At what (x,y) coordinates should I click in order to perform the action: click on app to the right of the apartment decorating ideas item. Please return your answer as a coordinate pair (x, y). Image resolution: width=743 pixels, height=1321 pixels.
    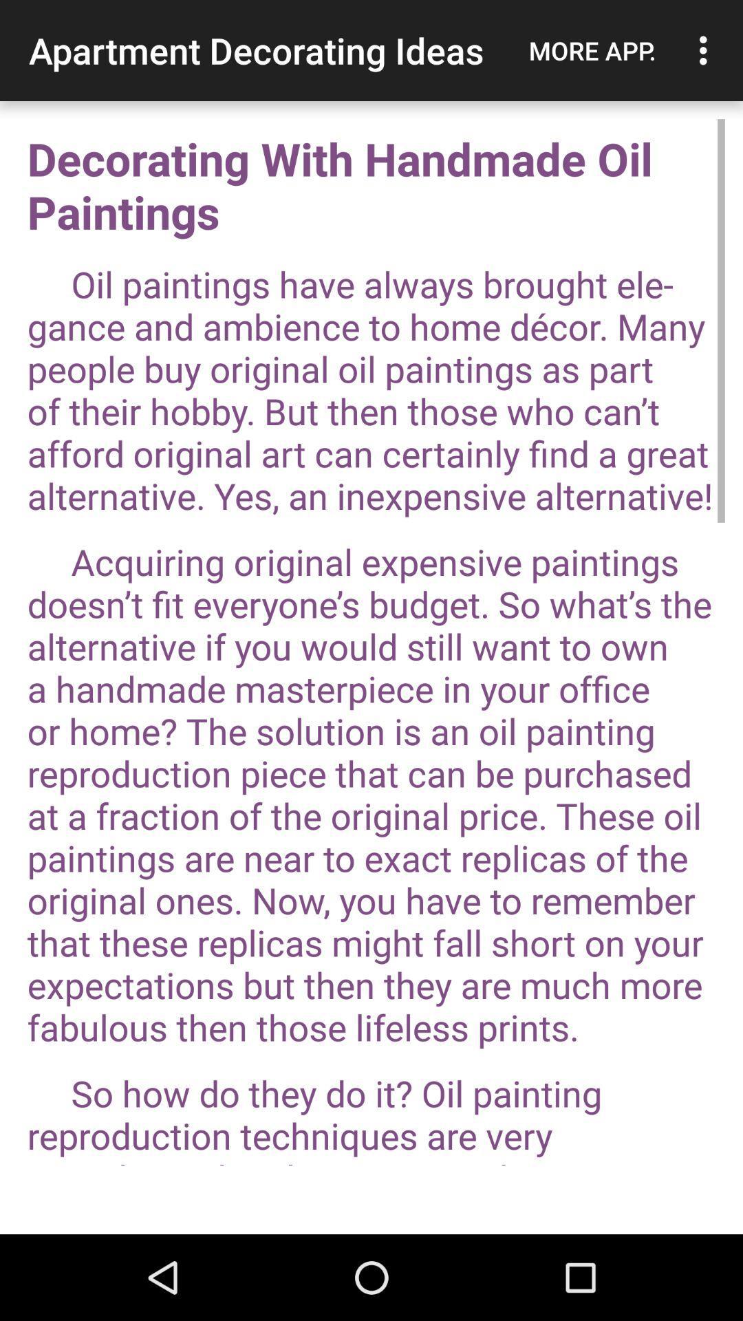
    Looking at the image, I should click on (592, 50).